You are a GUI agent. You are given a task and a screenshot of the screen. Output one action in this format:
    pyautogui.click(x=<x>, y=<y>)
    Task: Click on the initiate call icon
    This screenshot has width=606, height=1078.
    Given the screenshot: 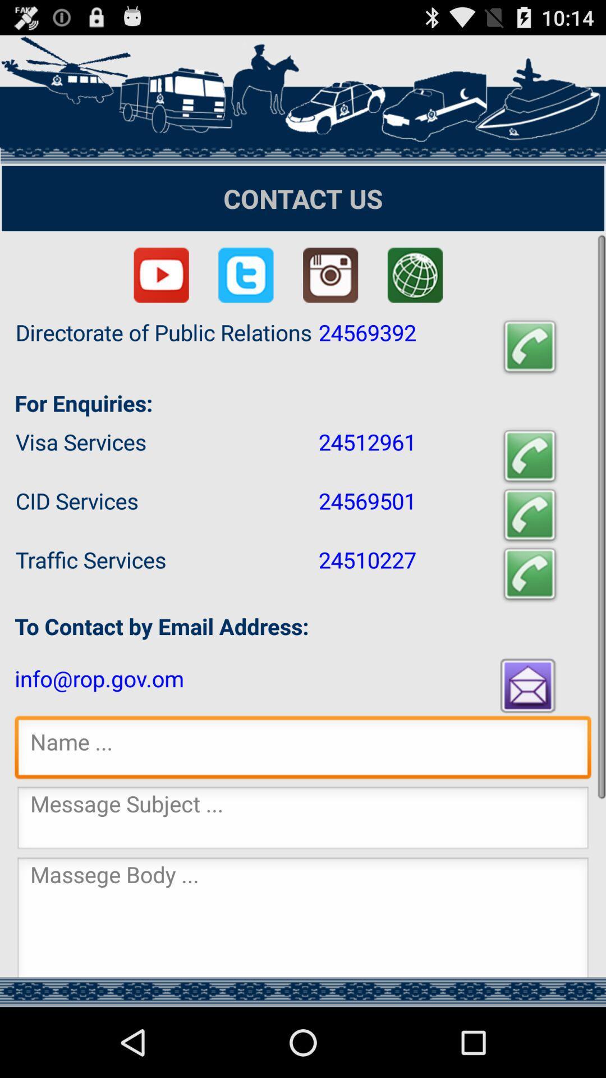 What is the action you would take?
    pyautogui.click(x=530, y=456)
    